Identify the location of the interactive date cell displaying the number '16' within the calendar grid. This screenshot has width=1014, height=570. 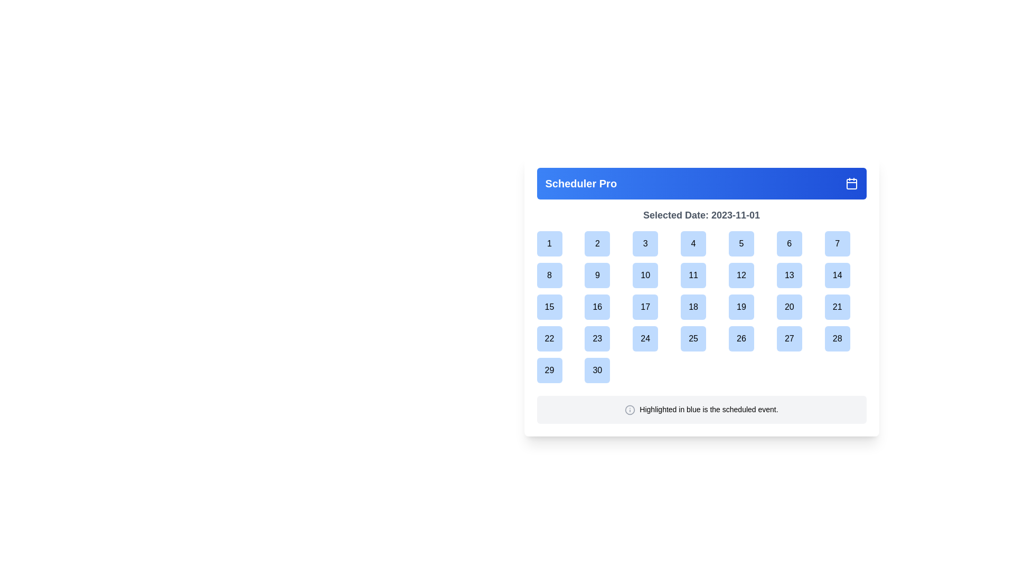
(605, 307).